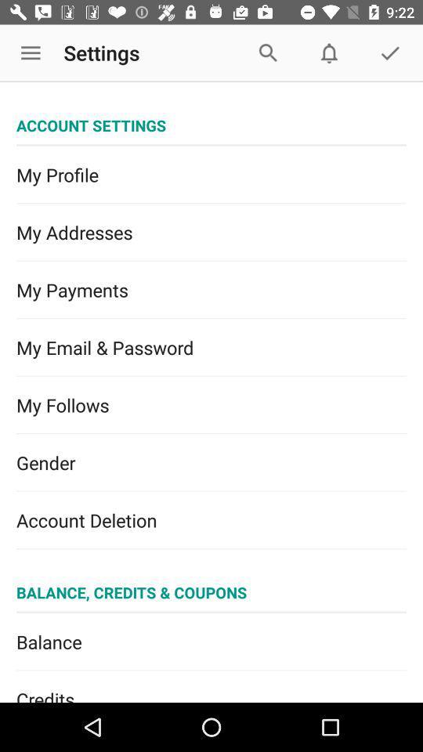  Describe the element at coordinates (211, 462) in the screenshot. I see `the icon below my follows icon` at that location.